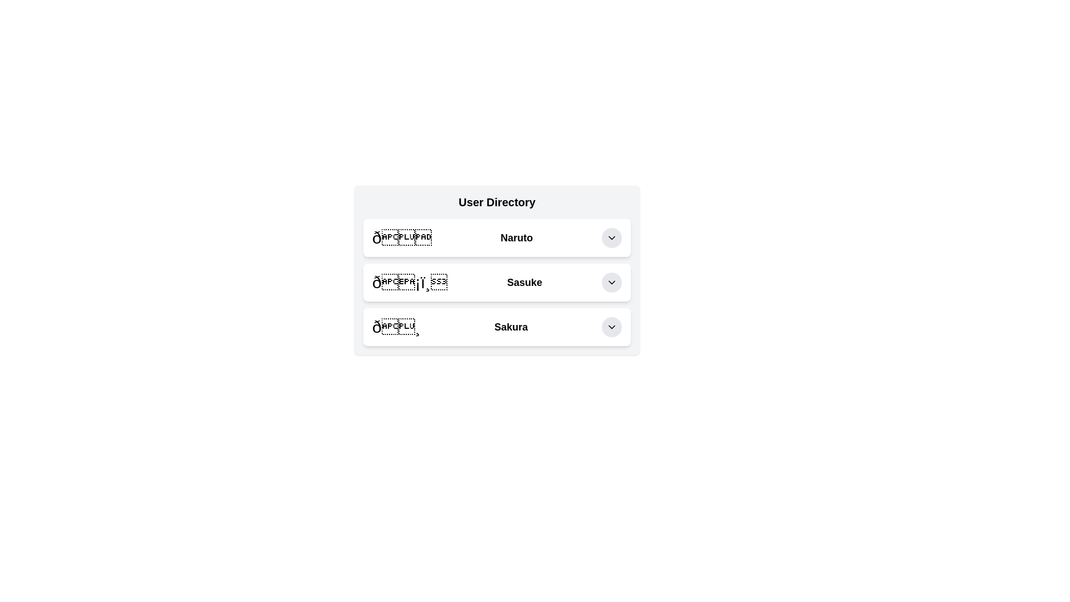 This screenshot has width=1070, height=602. Describe the element at coordinates (409, 281) in the screenshot. I see `the Decorative icon or emoji associated with the user entry 'Sasuke' located in the User Directory` at that location.